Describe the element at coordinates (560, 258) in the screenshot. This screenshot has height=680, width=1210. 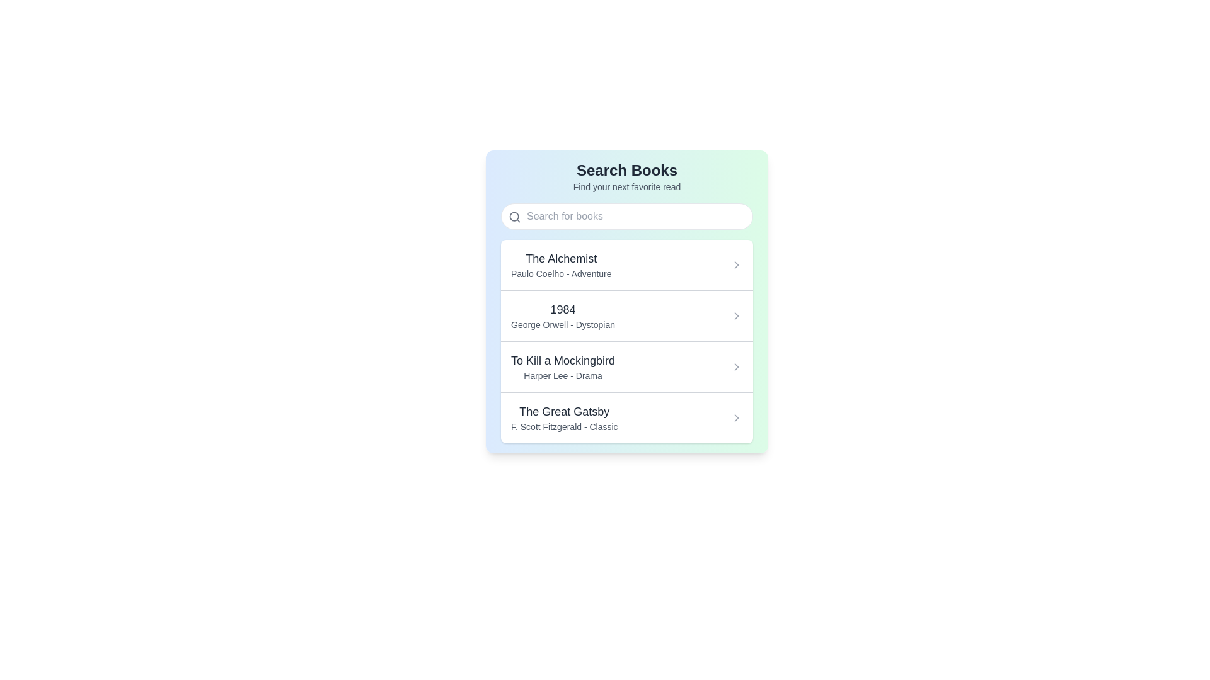
I see `the title of the first book listed in the interface, which is positioned above the subtitle 'Paulo Coelho - Adventure'` at that location.